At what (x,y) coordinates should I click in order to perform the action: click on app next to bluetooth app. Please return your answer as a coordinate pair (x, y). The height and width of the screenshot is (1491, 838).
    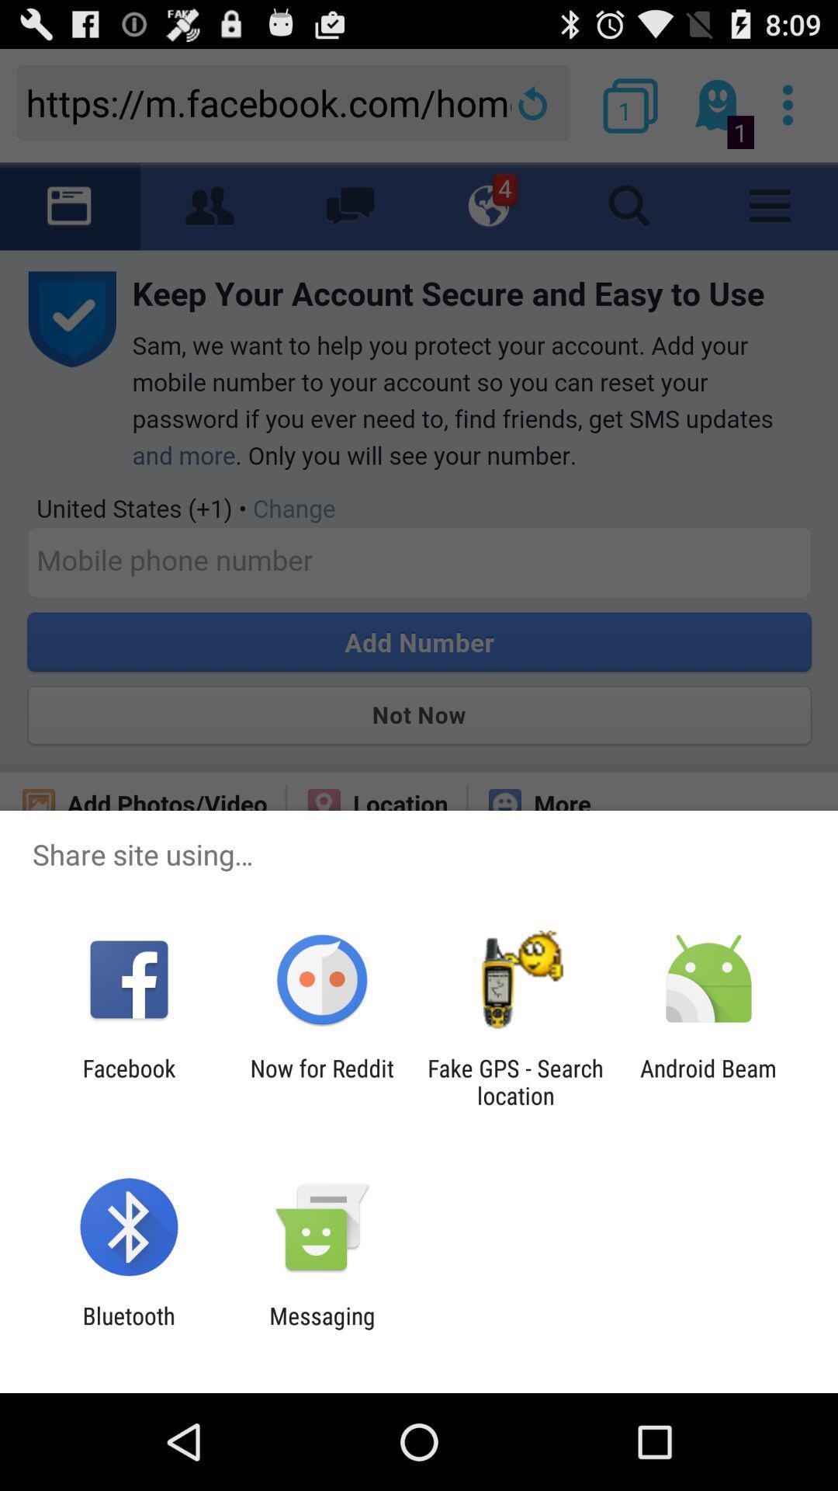
    Looking at the image, I should click on (321, 1329).